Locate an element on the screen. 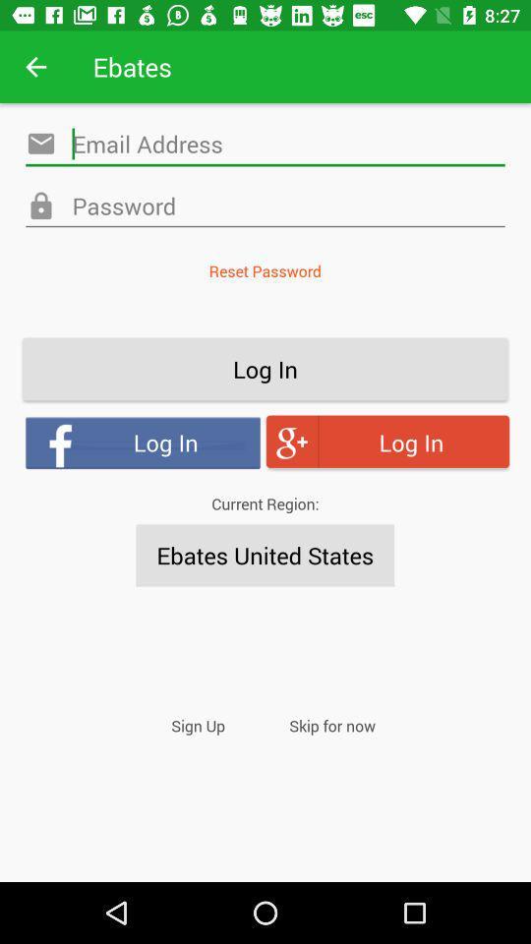 The height and width of the screenshot is (944, 531). password is located at coordinates (265, 206).